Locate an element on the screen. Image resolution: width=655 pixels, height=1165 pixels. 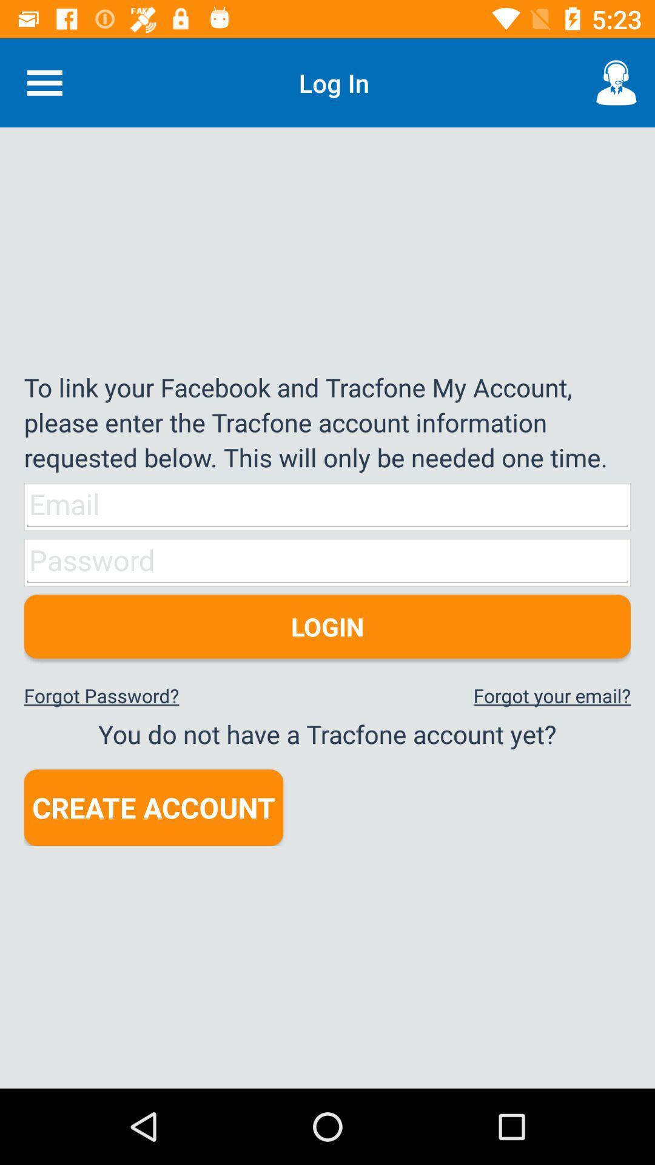
the create account icon is located at coordinates (153, 808).